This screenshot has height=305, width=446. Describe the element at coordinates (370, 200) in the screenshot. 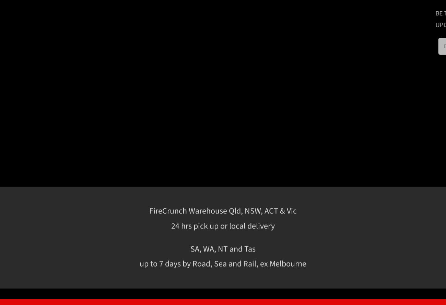

I see `'Professions'` at that location.